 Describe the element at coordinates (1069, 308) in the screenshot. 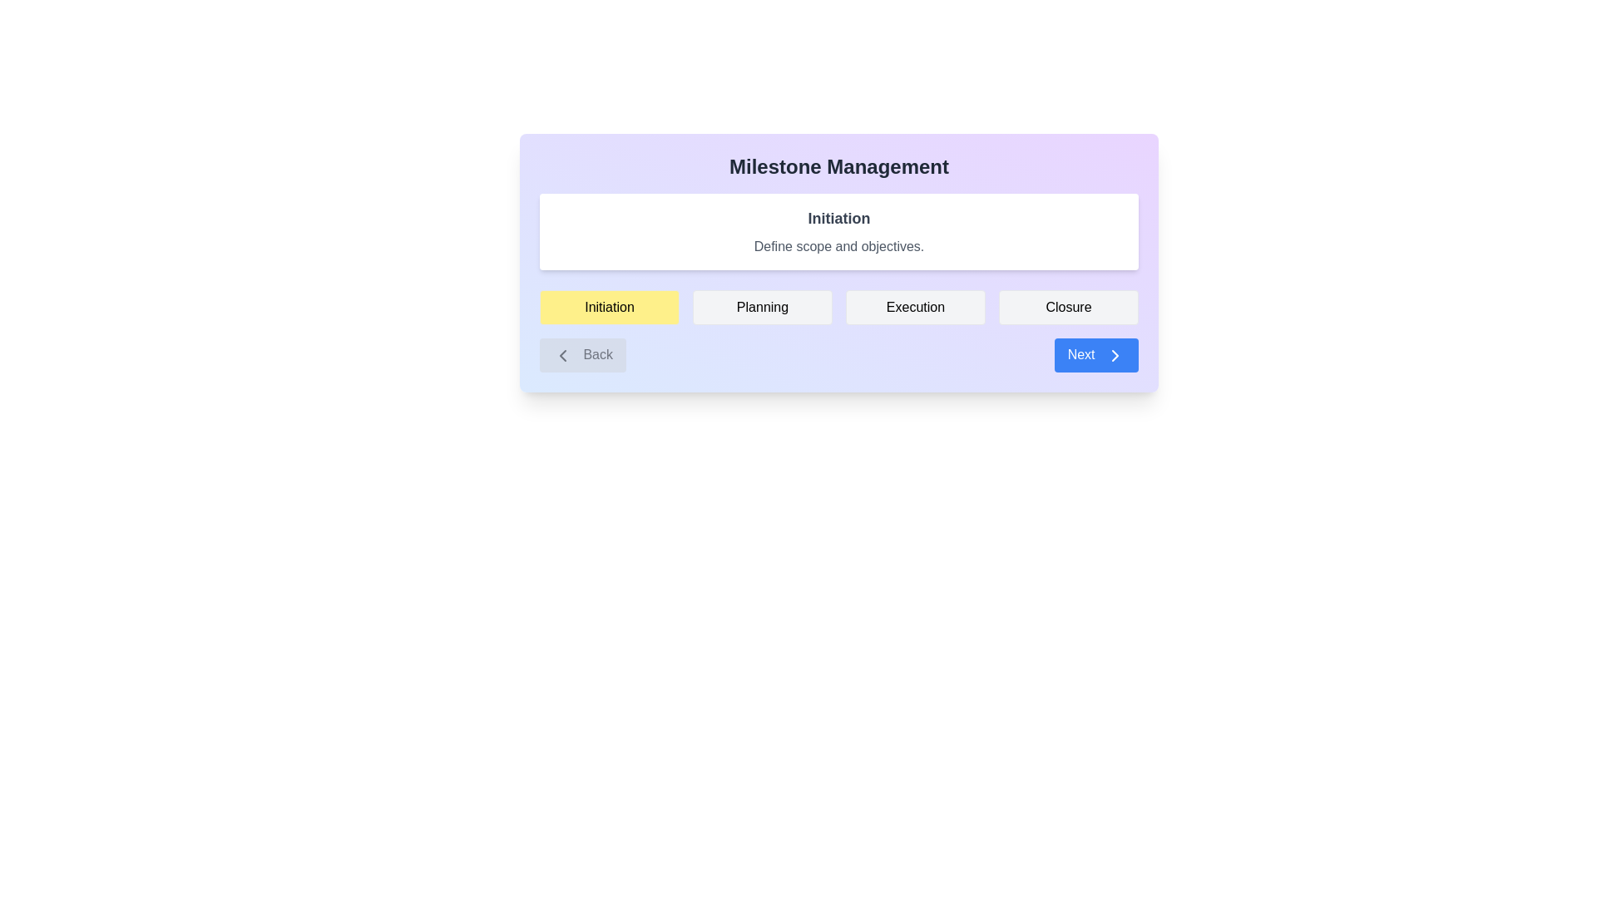

I see `the 'Closure' text label, which is located in the lower right area of the interface, rightmost among four similar elements in a horizontal sequence` at that location.